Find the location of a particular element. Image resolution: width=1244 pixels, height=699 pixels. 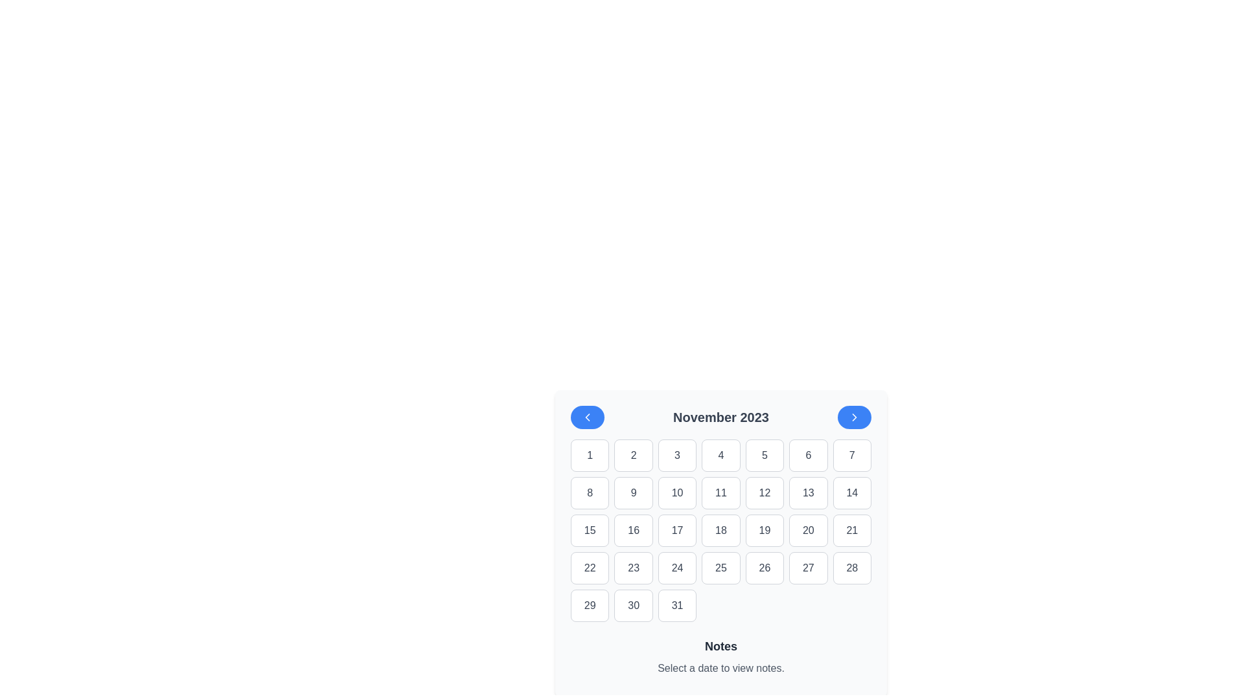

the button labeled '31' located in the bottom-right corner of the calendar is located at coordinates (676, 606).